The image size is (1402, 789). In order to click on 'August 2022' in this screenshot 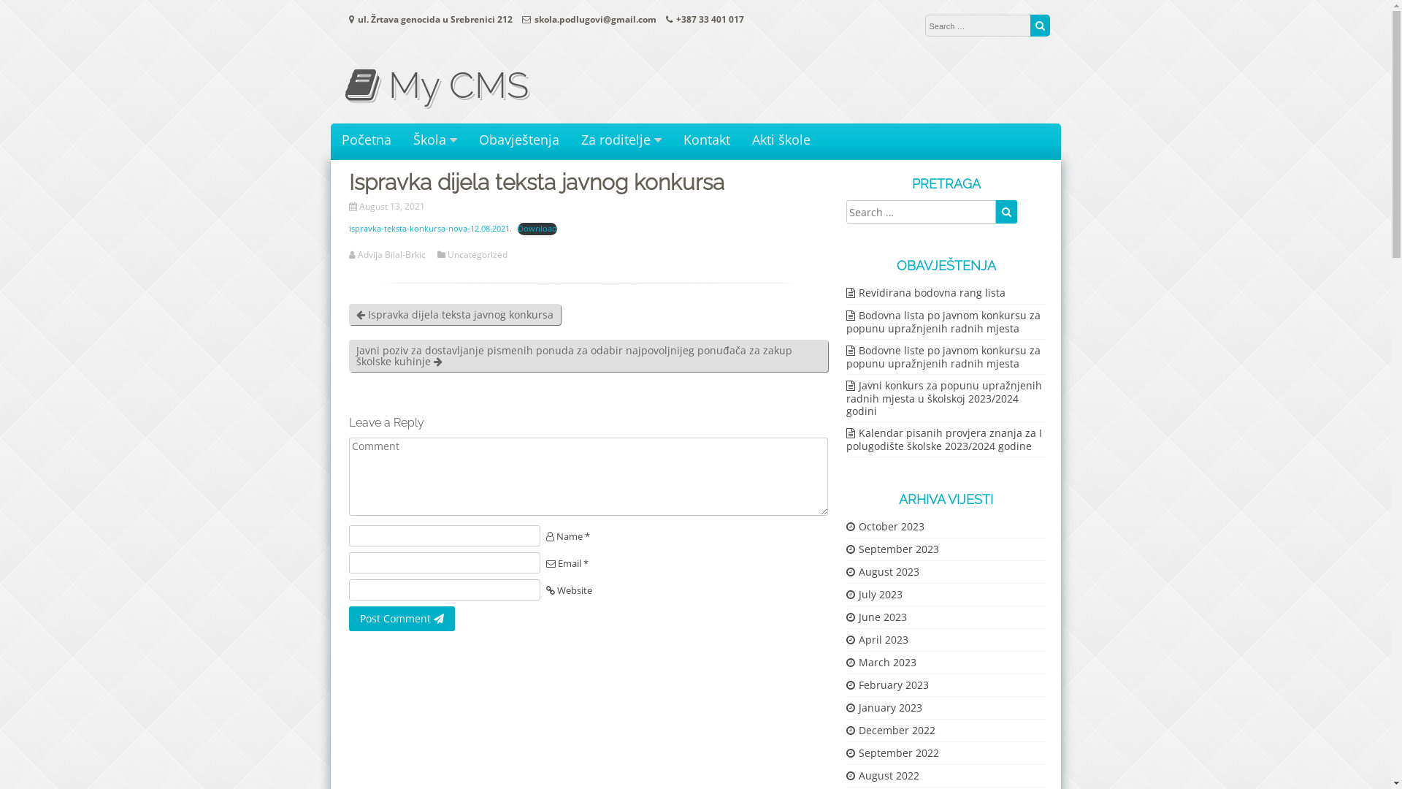, I will do `click(845, 774)`.